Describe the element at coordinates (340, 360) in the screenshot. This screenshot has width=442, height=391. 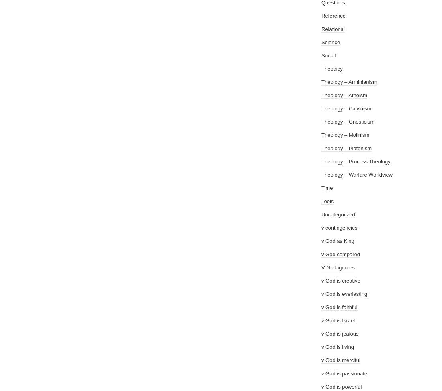
I see `'v God is merciful'` at that location.